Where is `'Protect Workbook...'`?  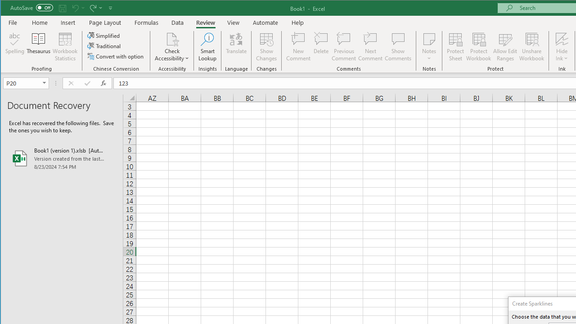 'Protect Workbook...' is located at coordinates (478, 47).